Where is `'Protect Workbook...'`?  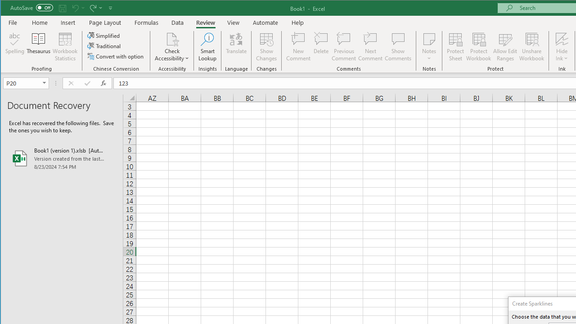 'Protect Workbook...' is located at coordinates (478, 47).